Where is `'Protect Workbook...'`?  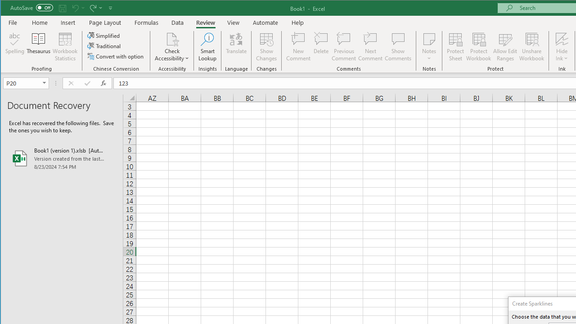 'Protect Workbook...' is located at coordinates (478, 47).